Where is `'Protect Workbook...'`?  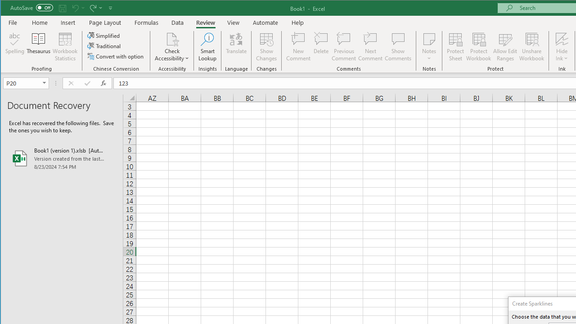 'Protect Workbook...' is located at coordinates (478, 47).